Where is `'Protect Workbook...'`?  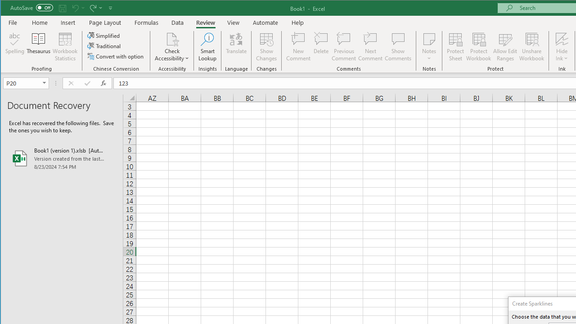 'Protect Workbook...' is located at coordinates (478, 47).